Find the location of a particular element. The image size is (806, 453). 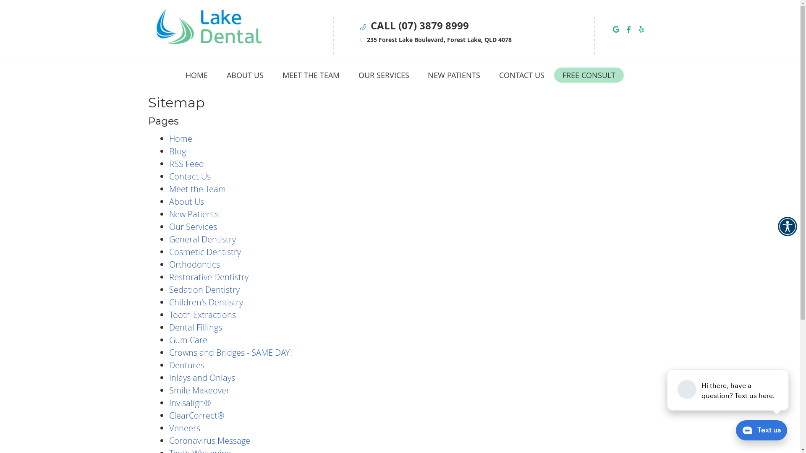

'RSS Feed' is located at coordinates (186, 164).